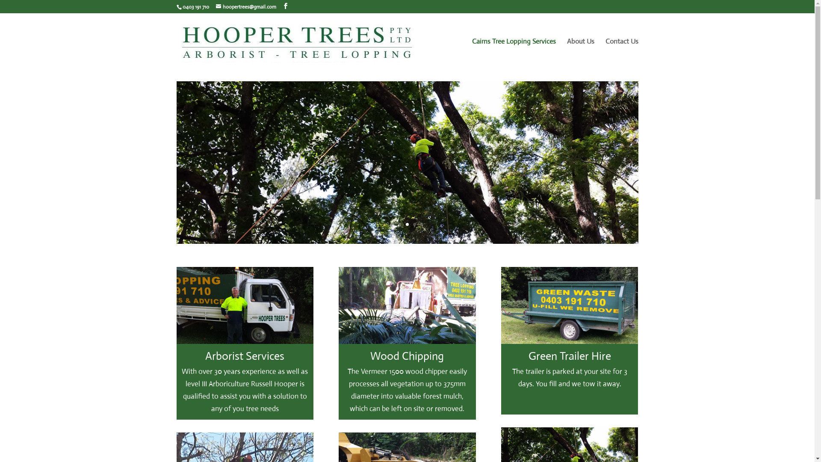 This screenshot has height=462, width=821. I want to click on '2', so click(399, 224).